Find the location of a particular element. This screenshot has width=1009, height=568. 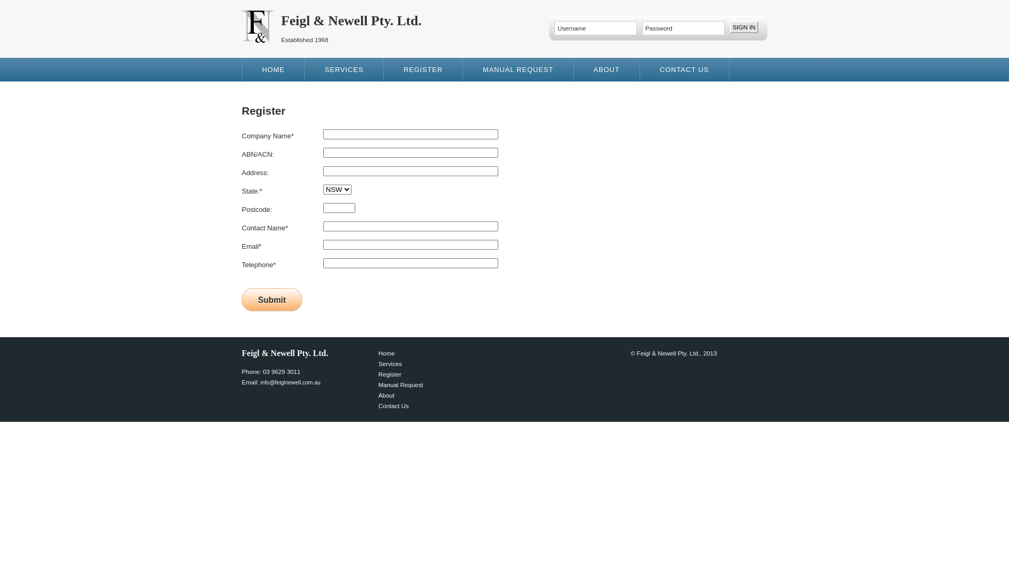

'info@feiglnewell.com.au' is located at coordinates (290, 382).